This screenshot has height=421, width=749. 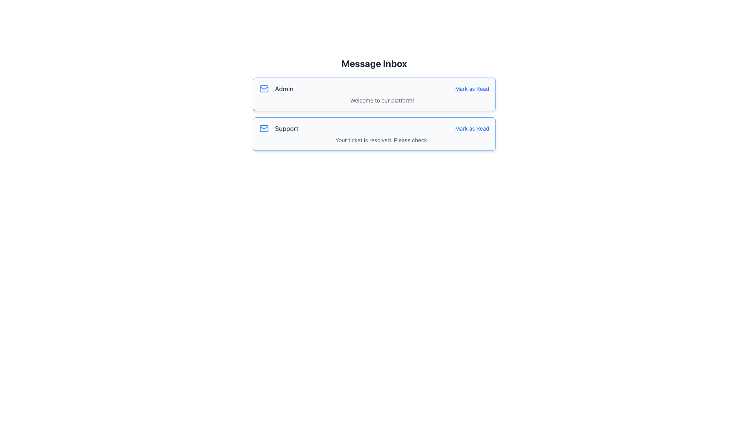 I want to click on the 'Mark as Read' text link, which is styled with blue color and an underline, located in the top-right corner of the 'Support' message box, so click(x=472, y=128).